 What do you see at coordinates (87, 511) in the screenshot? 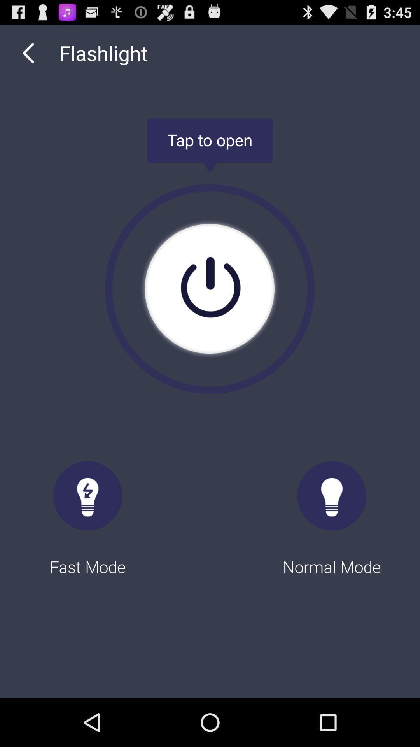
I see `the fast mode icon` at bounding box center [87, 511].